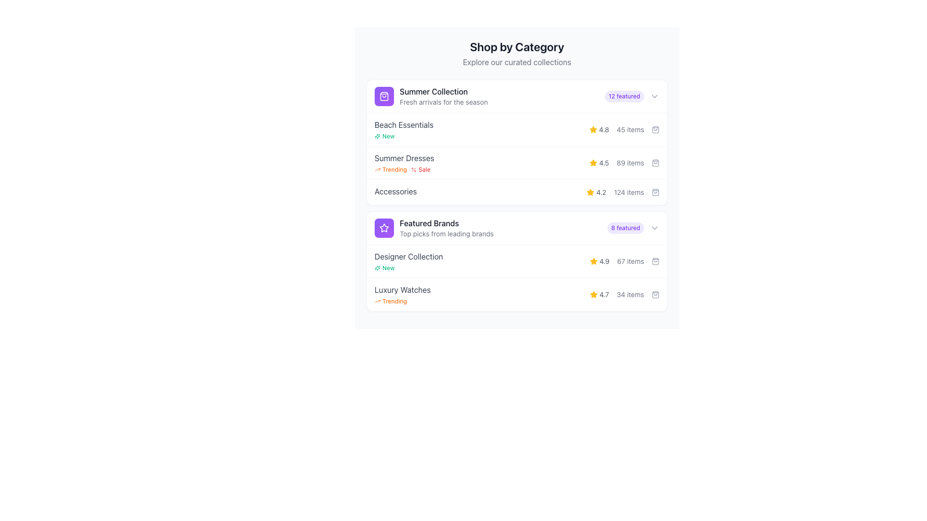 This screenshot has width=927, height=521. I want to click on the Text Label with Icon that displays the average rating for the 'Designer Collection' category, so click(599, 261).